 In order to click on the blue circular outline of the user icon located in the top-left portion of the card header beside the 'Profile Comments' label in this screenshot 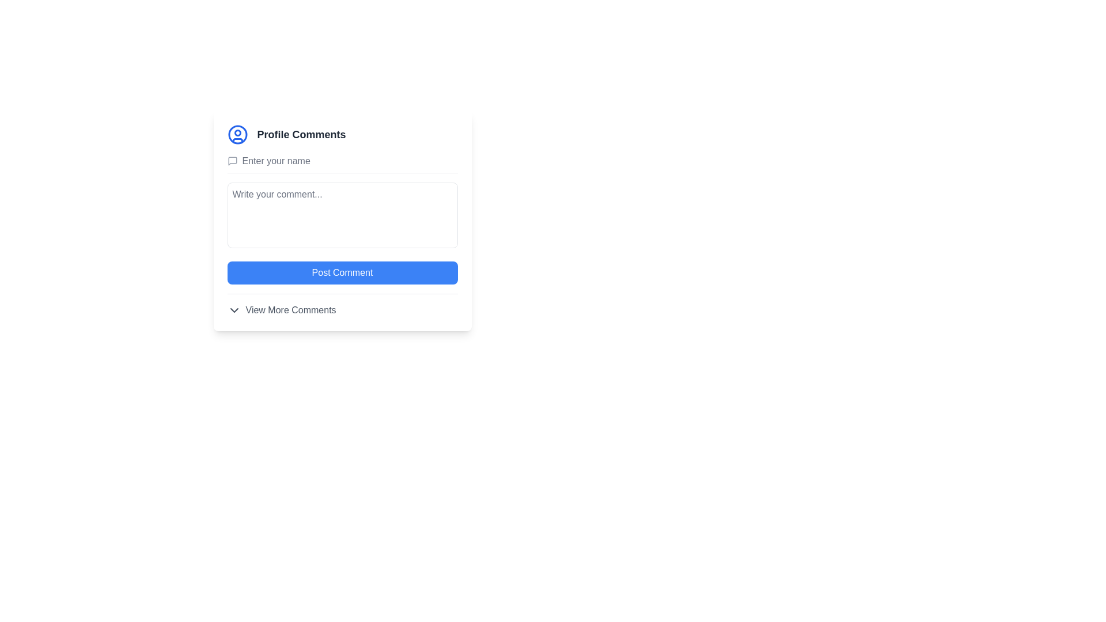, I will do `click(237, 134)`.